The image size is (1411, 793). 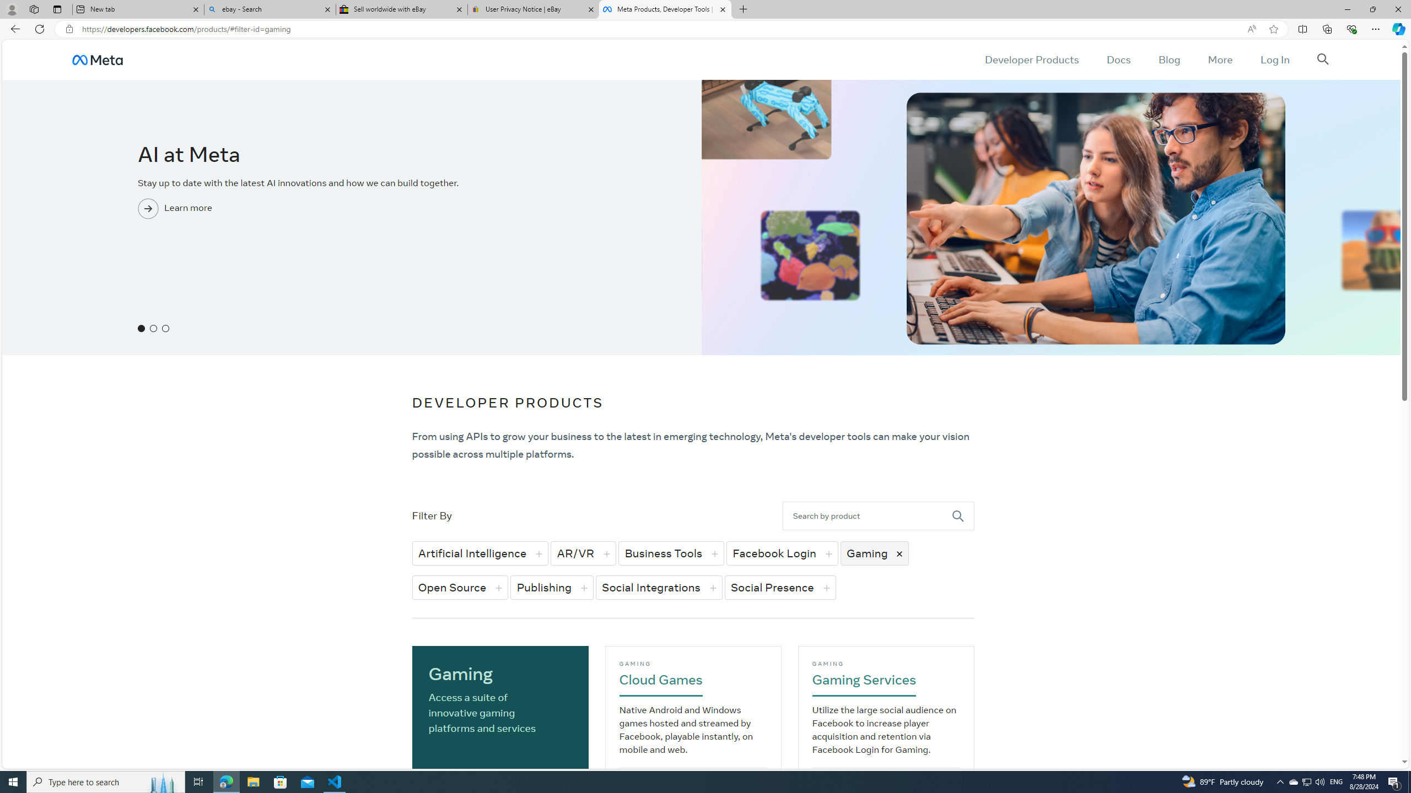 What do you see at coordinates (165, 328) in the screenshot?
I see `'Show slide 3'` at bounding box center [165, 328].